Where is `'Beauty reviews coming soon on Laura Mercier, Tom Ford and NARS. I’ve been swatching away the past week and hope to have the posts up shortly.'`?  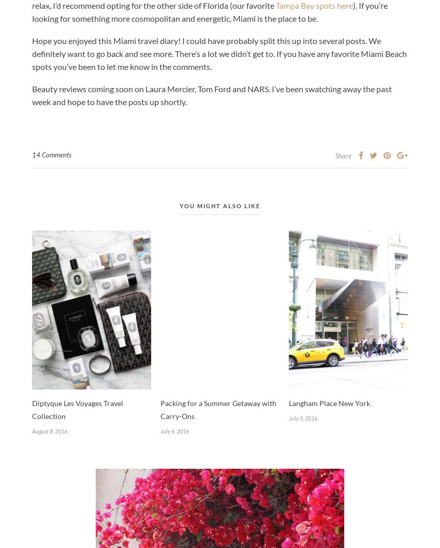 'Beauty reviews coming soon on Laura Mercier, Tom Ford and NARS. I’ve been swatching away the past week and hope to have the posts up shortly.' is located at coordinates (212, 95).